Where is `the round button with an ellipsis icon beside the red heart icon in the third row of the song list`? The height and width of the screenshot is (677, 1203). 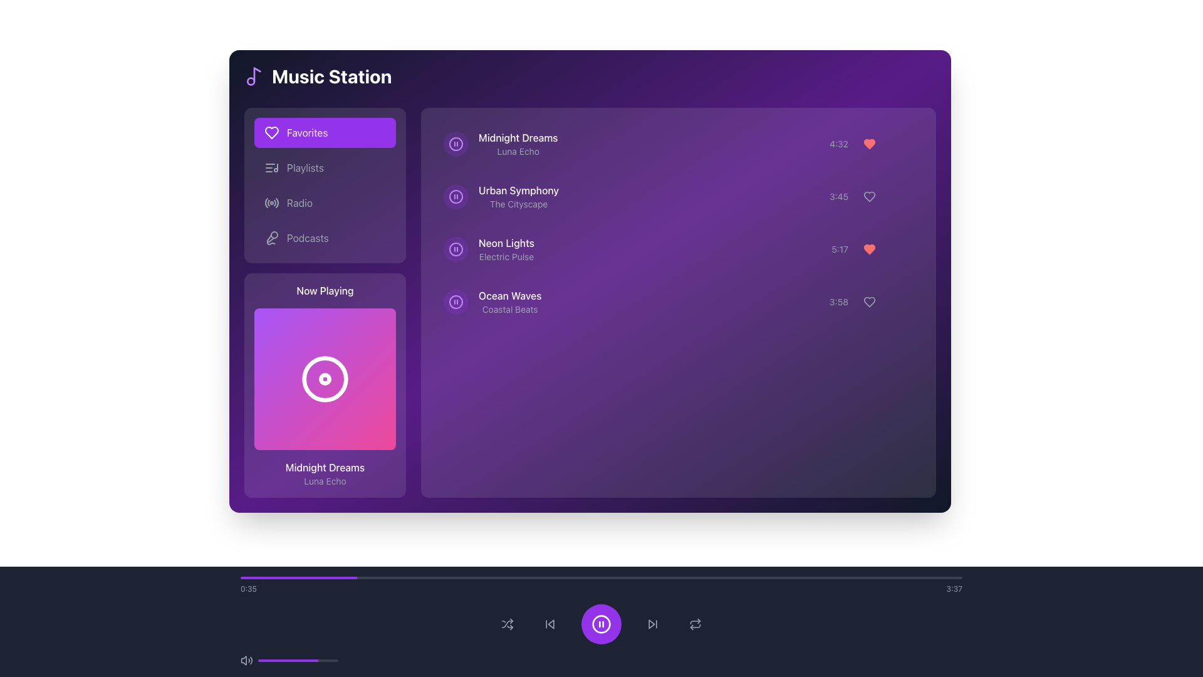 the round button with an ellipsis icon beside the red heart icon in the third row of the song list is located at coordinates (902, 249).